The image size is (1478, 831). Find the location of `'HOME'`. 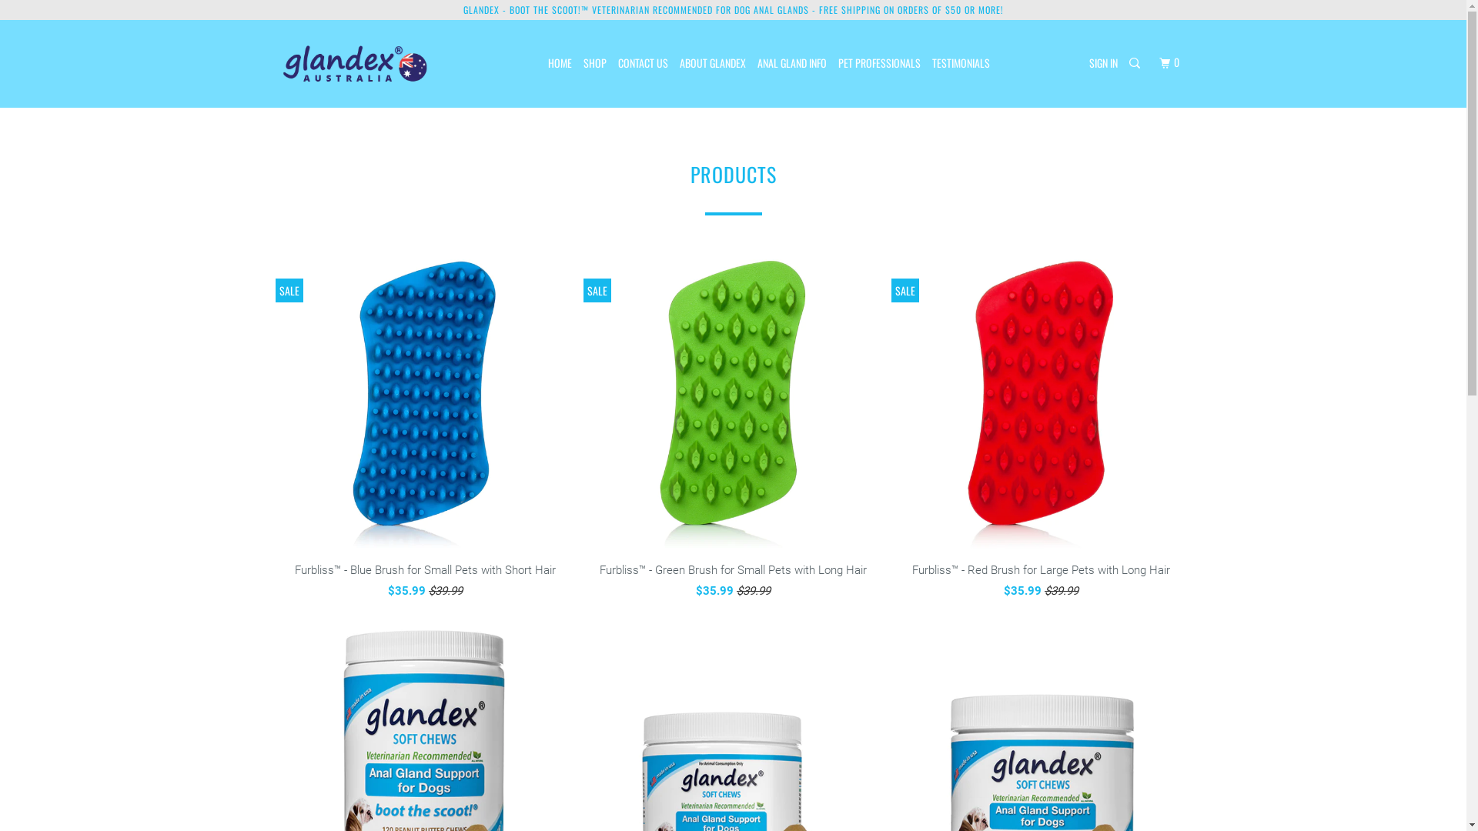

'HOME' is located at coordinates (545, 62).